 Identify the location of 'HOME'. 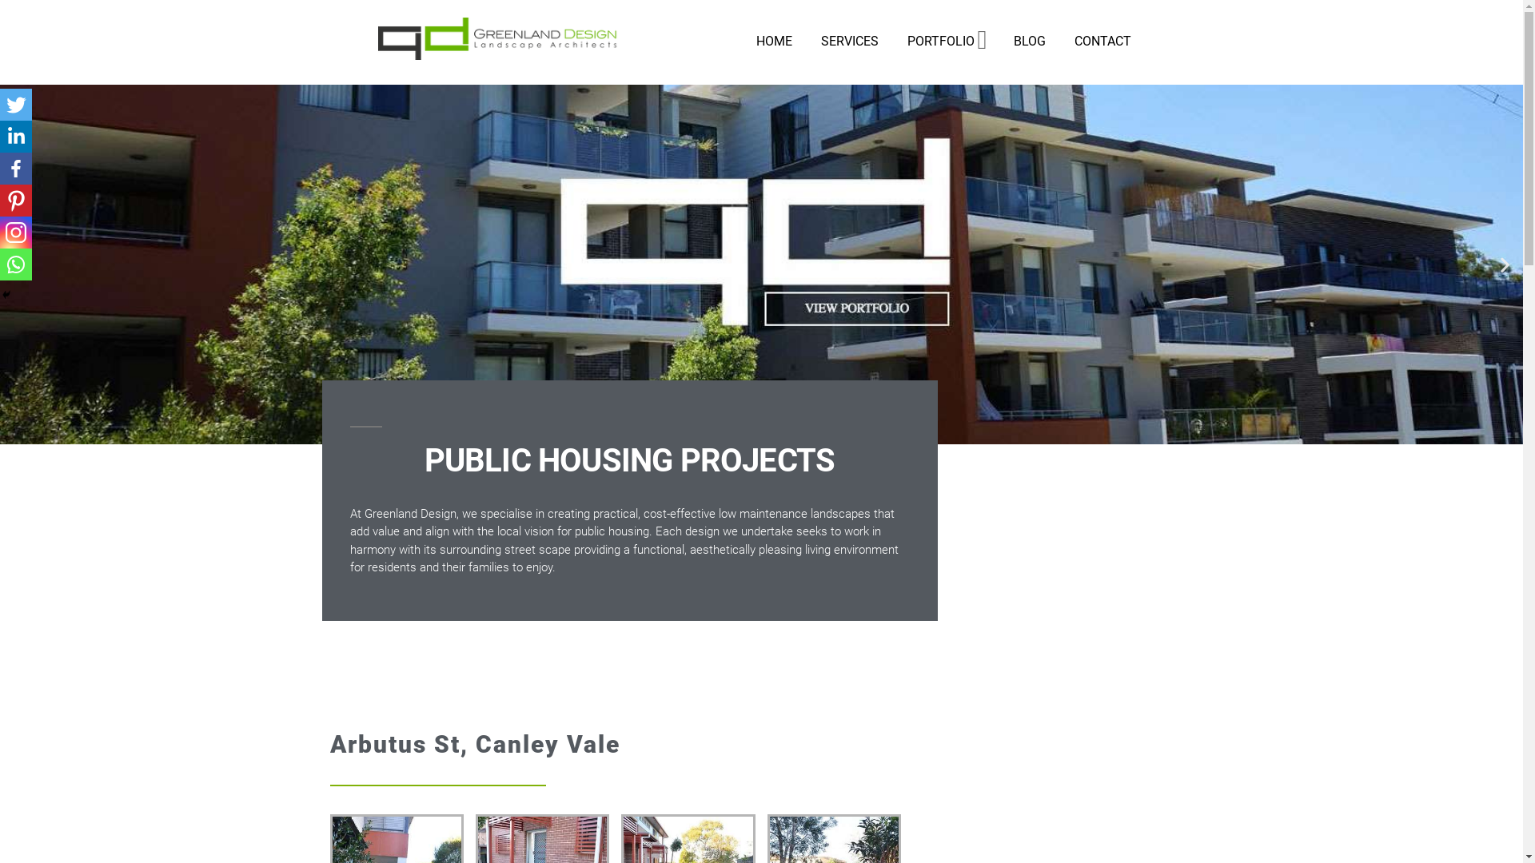
(774, 41).